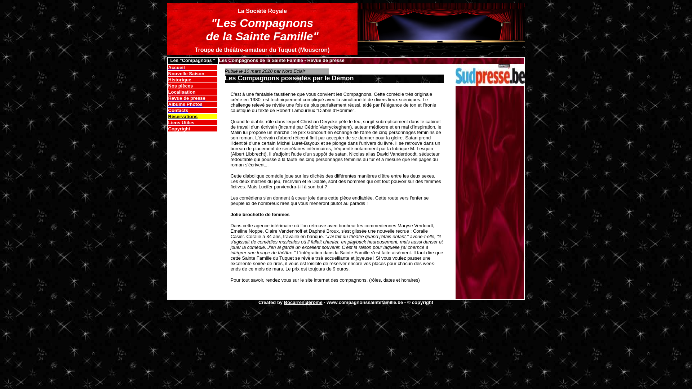  Describe the element at coordinates (186, 73) in the screenshot. I see `'Nouvelle Saison'` at that location.